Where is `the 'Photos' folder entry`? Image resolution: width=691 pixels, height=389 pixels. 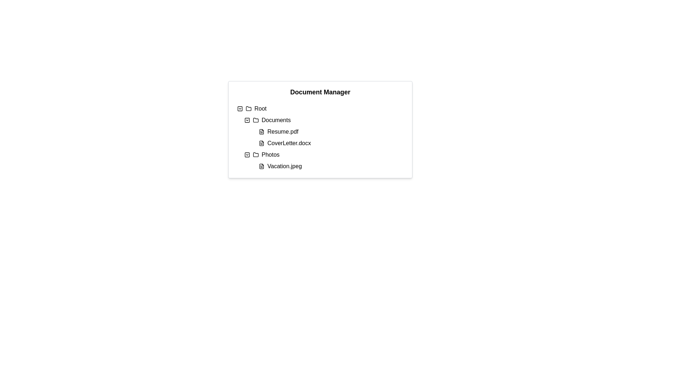 the 'Photos' folder entry is located at coordinates (324, 154).